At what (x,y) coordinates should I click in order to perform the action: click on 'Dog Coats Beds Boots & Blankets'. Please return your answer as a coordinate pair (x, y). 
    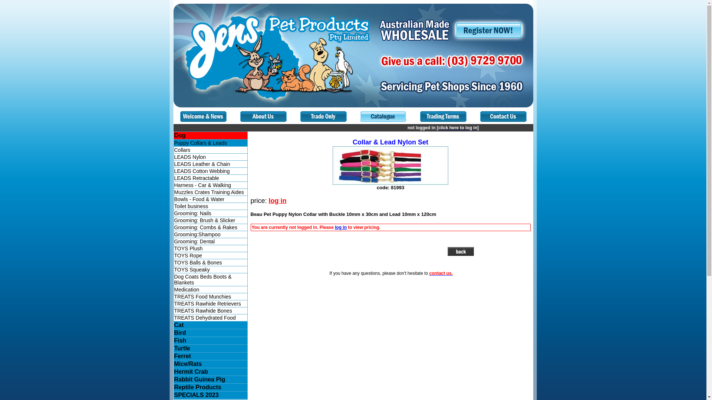
    Looking at the image, I should click on (210, 280).